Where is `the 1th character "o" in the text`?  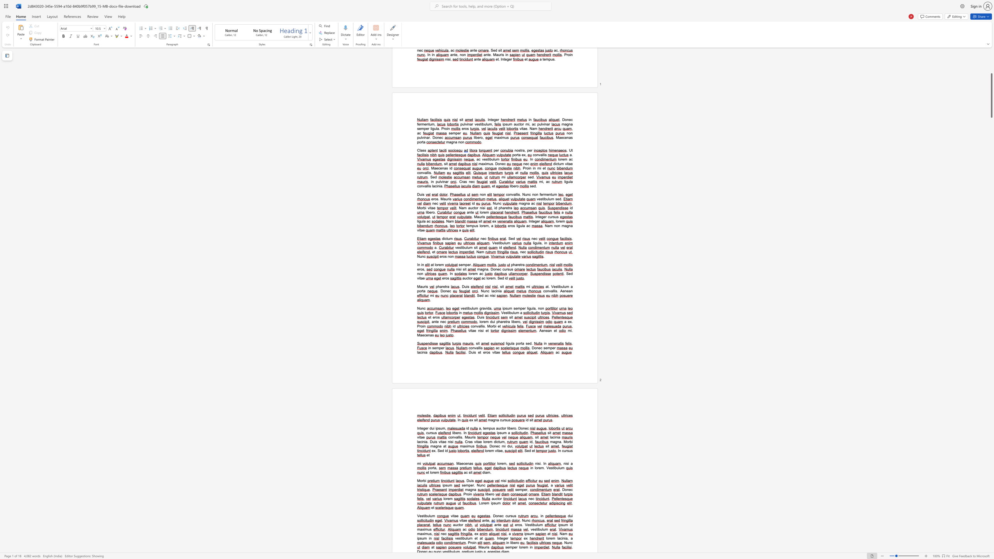
the 1th character "o" in the text is located at coordinates (472, 348).